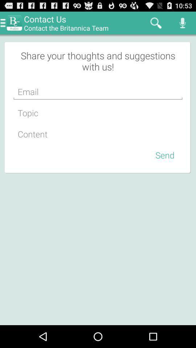 The width and height of the screenshot is (196, 348). I want to click on item next to the contact the britannica app, so click(155, 22).